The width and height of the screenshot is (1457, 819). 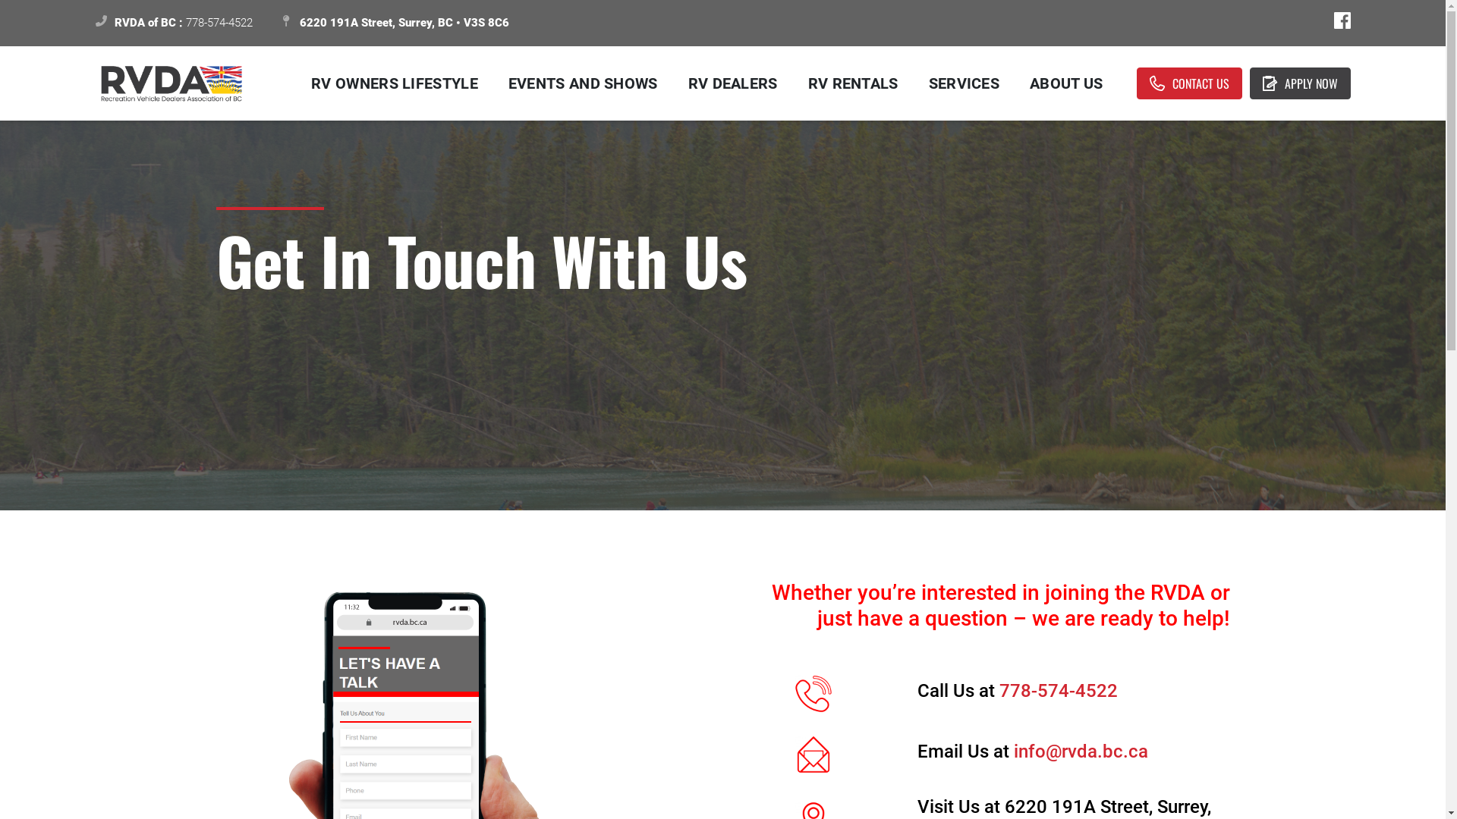 What do you see at coordinates (1080, 752) in the screenshot?
I see `'info@rvda.bc.ca'` at bounding box center [1080, 752].